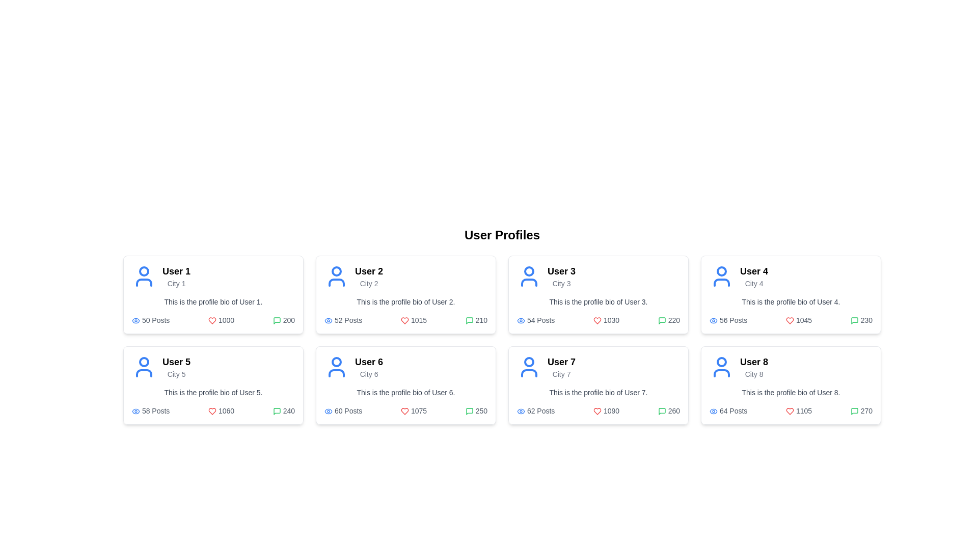 The height and width of the screenshot is (550, 978). What do you see at coordinates (721, 361) in the screenshot?
I see `the SVG circle representing the head in the user profile icon located in the bottom-right corner of the layout` at bounding box center [721, 361].